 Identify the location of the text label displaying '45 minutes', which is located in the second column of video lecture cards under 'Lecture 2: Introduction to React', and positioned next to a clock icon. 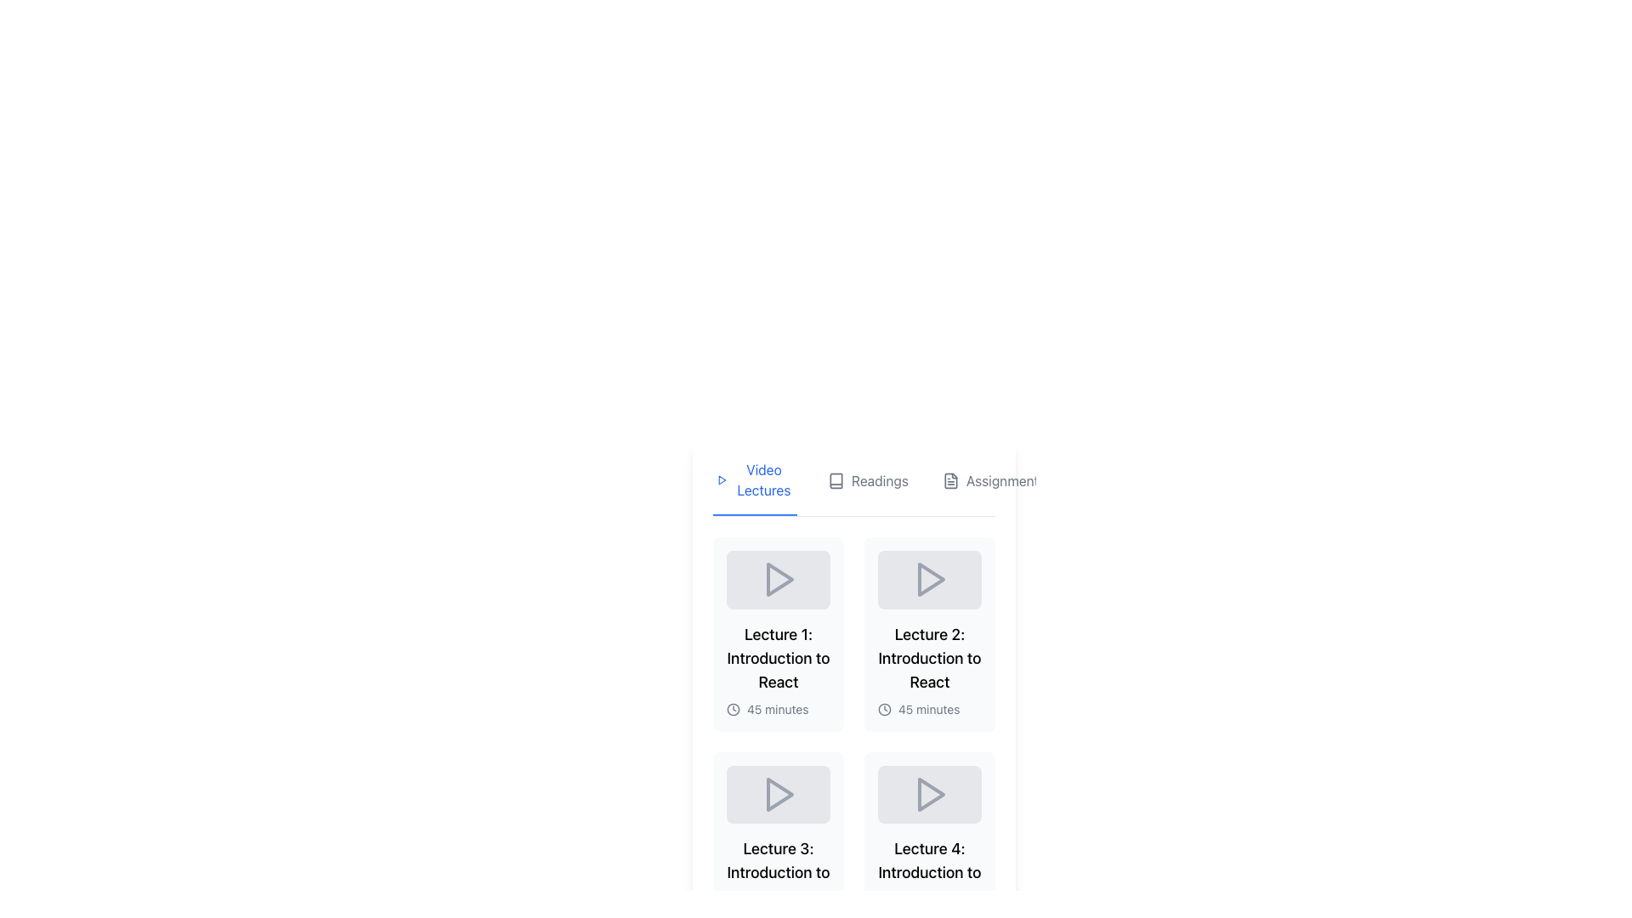
(928, 709).